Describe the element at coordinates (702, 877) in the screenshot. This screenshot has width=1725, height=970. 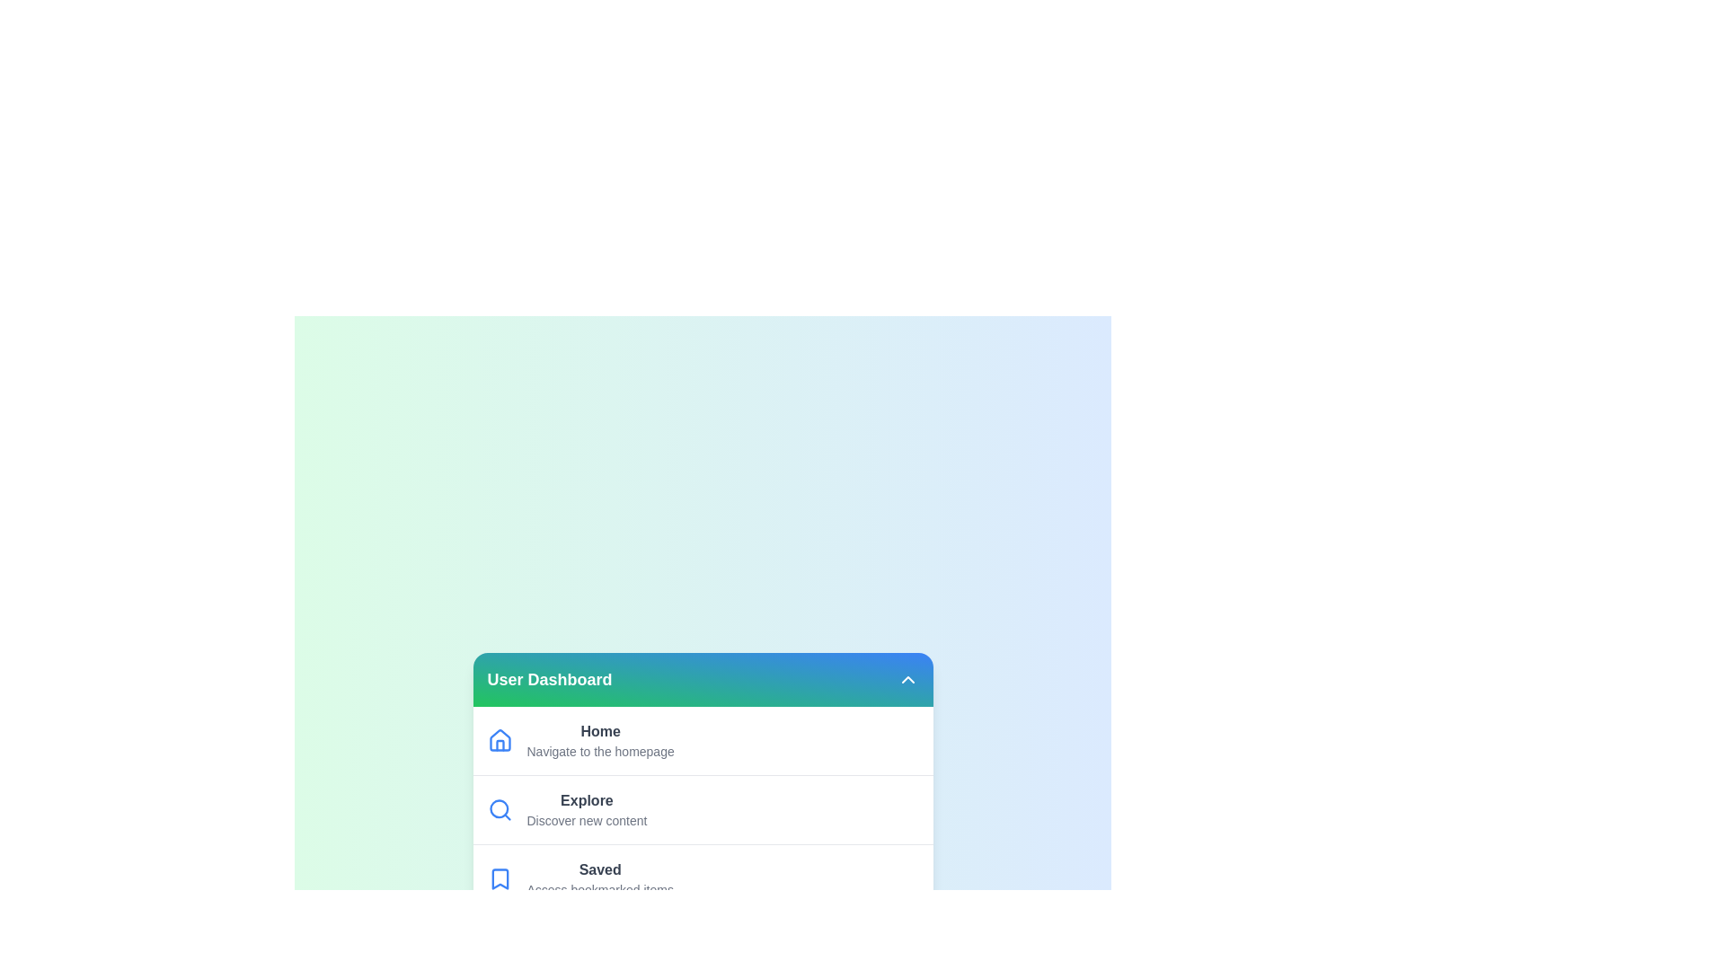
I see `the menu item Saved to reveal its hover effect` at that location.